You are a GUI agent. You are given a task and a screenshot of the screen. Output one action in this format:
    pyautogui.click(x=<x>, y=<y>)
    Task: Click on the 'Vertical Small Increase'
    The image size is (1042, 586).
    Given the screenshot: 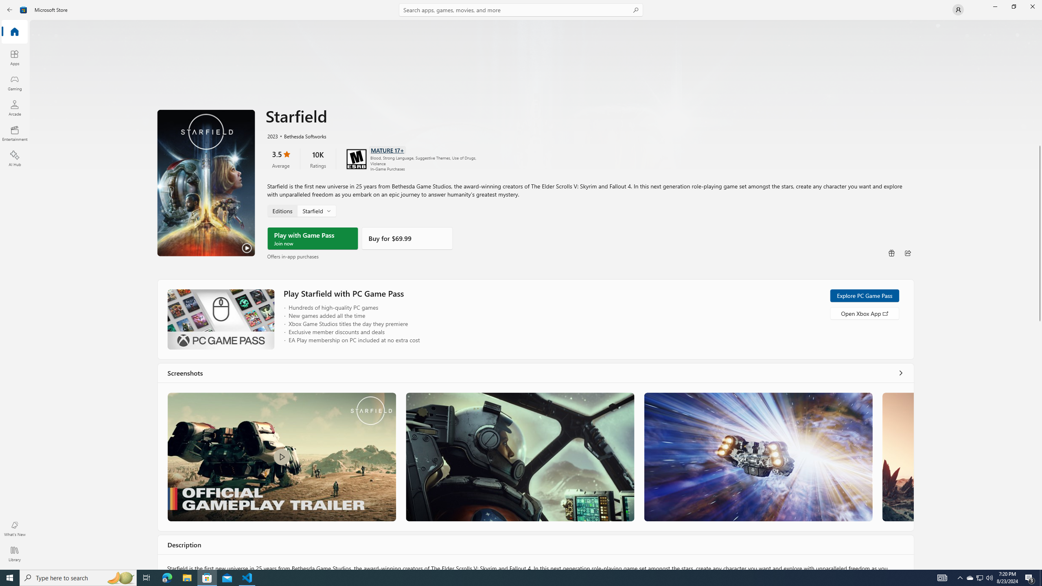 What is the action you would take?
    pyautogui.click(x=1039, y=567)
    